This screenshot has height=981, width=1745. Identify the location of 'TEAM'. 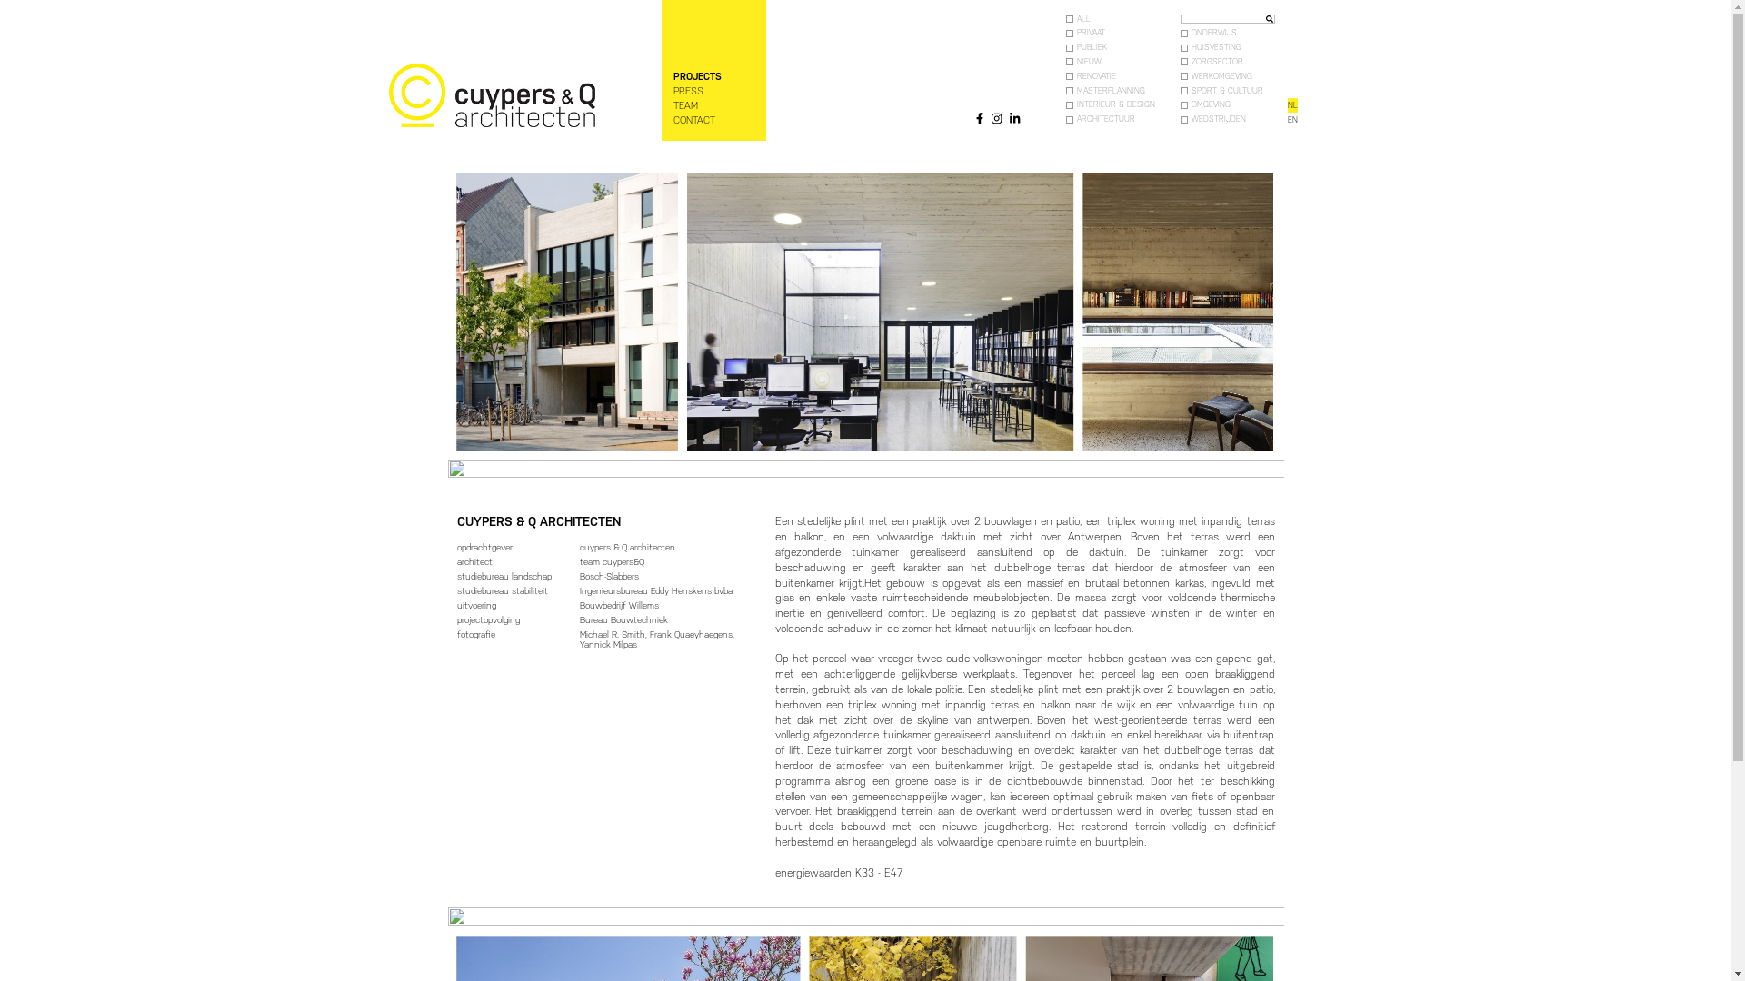
(683, 105).